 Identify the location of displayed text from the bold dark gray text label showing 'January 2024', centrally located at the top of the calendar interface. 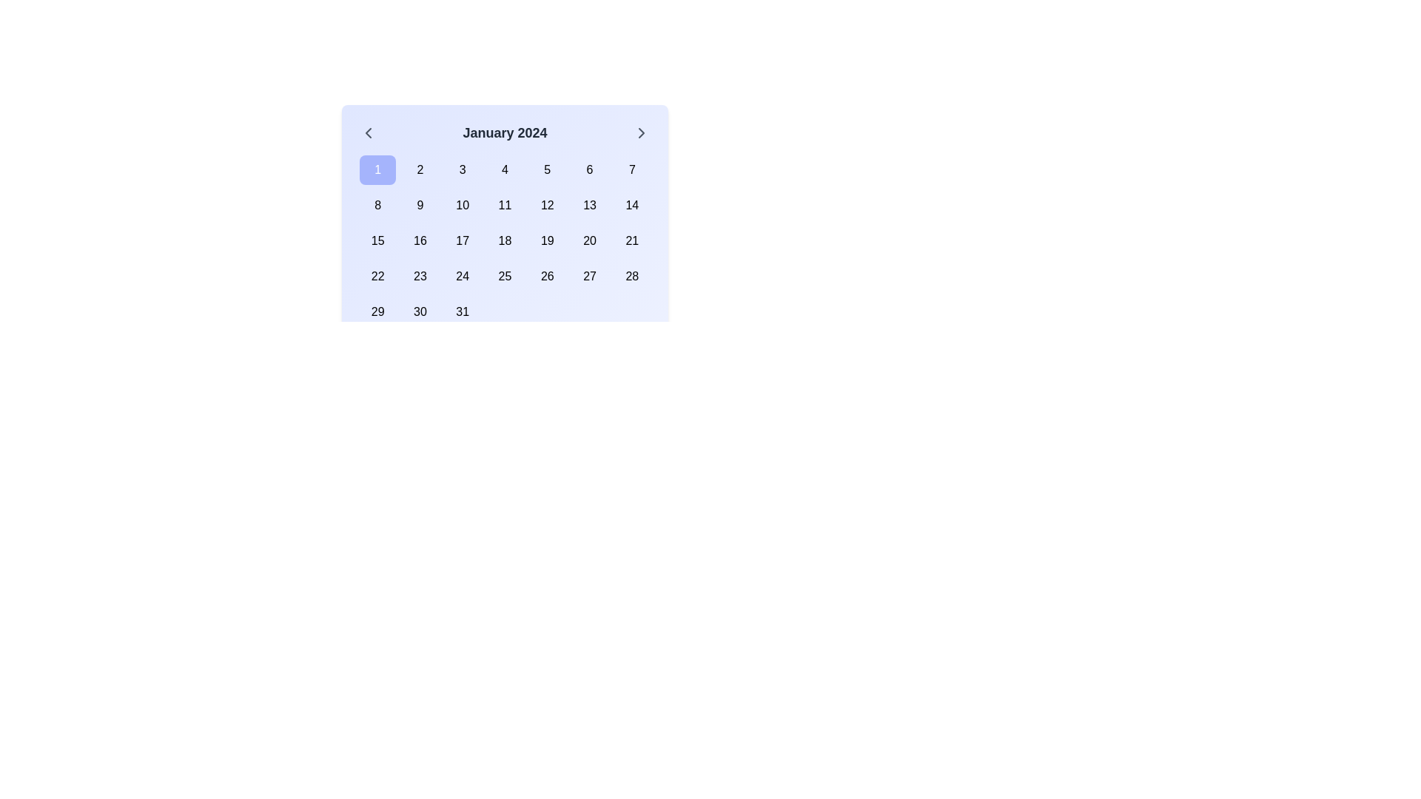
(505, 133).